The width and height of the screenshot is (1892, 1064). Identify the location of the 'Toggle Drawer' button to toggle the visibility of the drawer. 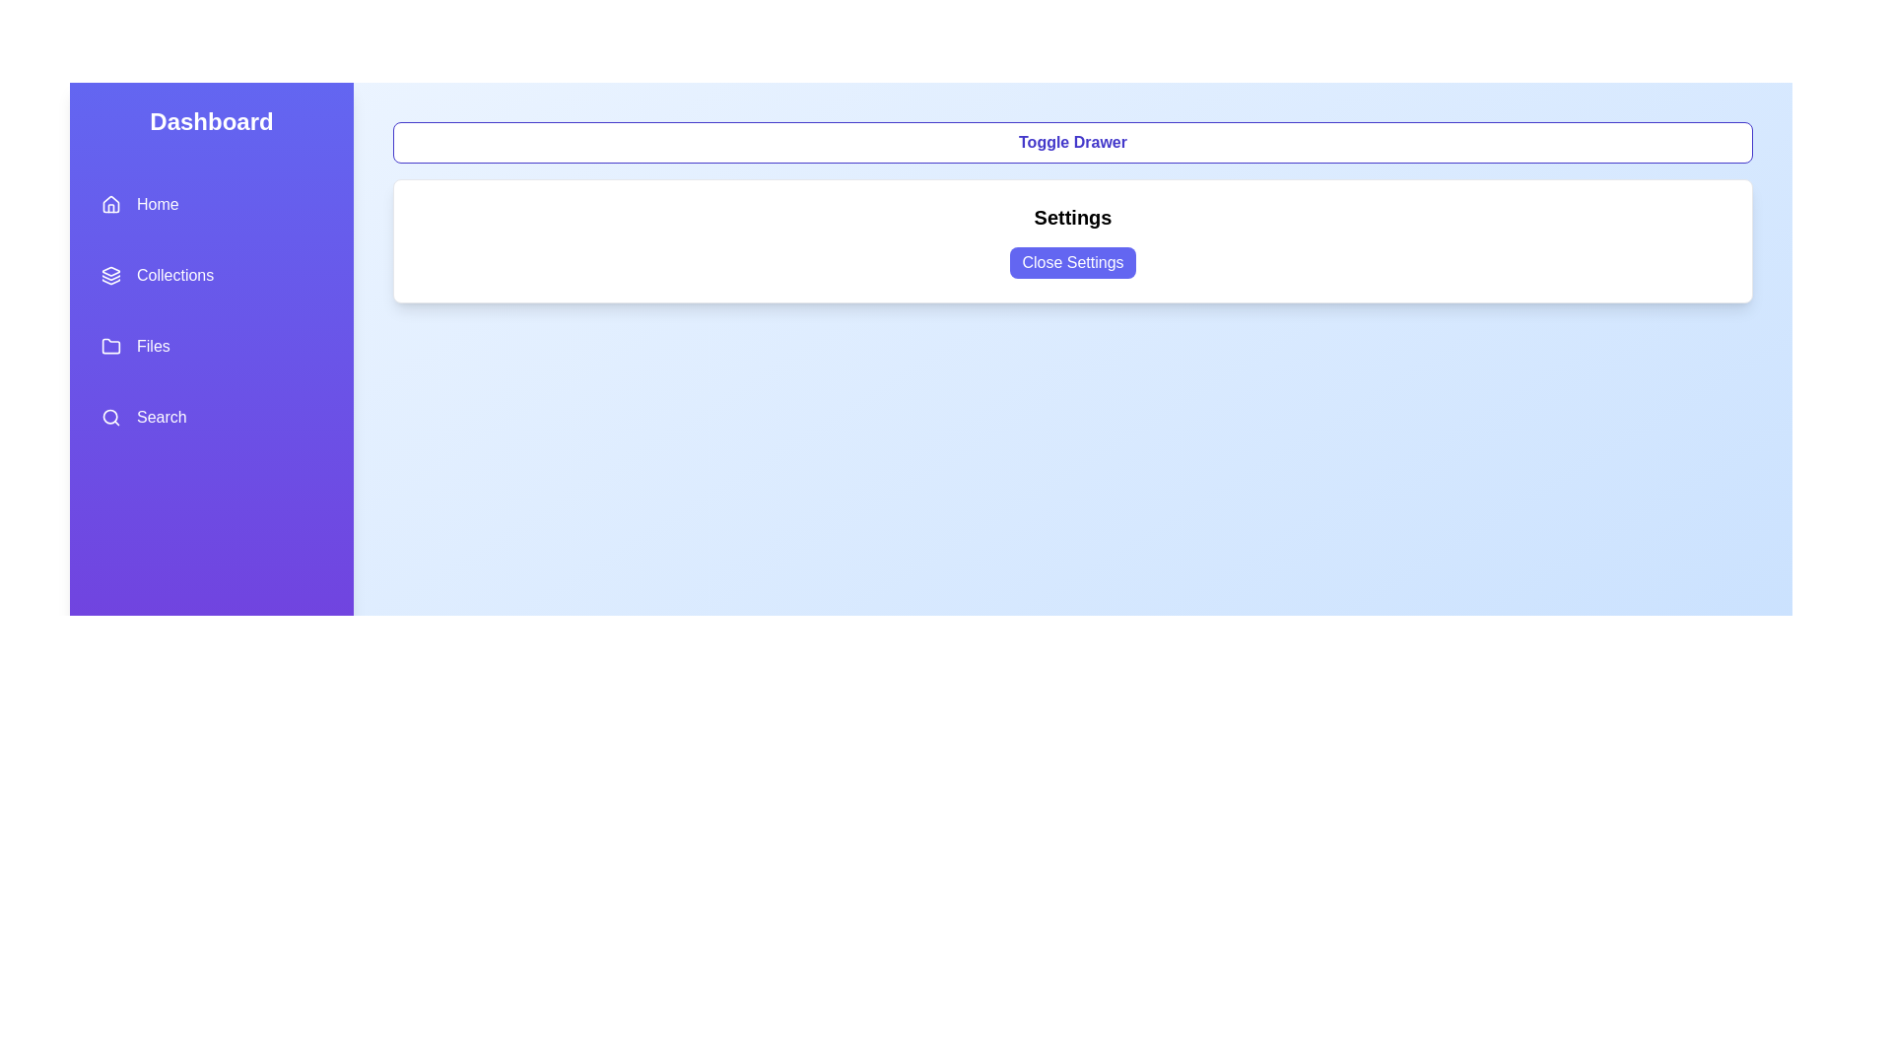
(1072, 142).